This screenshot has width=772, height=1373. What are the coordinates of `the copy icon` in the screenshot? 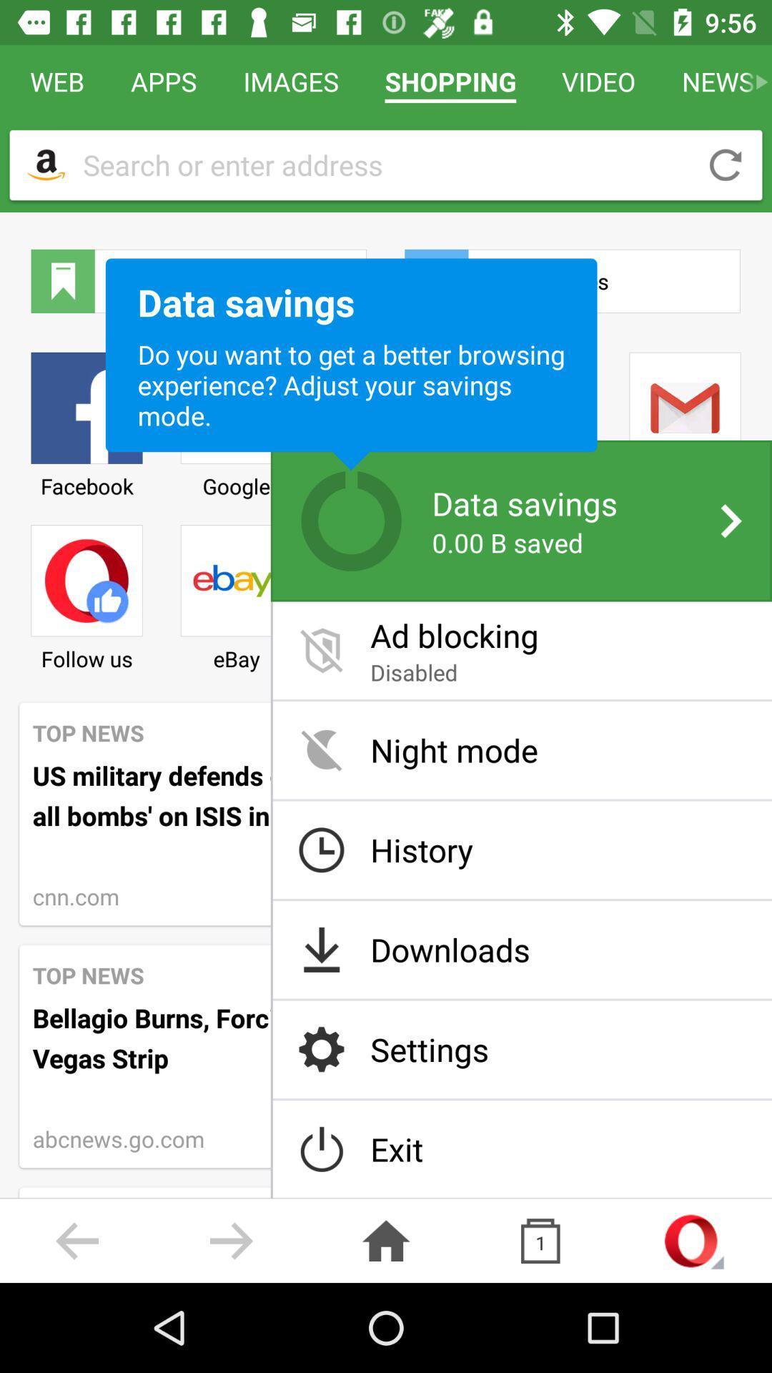 It's located at (540, 1240).